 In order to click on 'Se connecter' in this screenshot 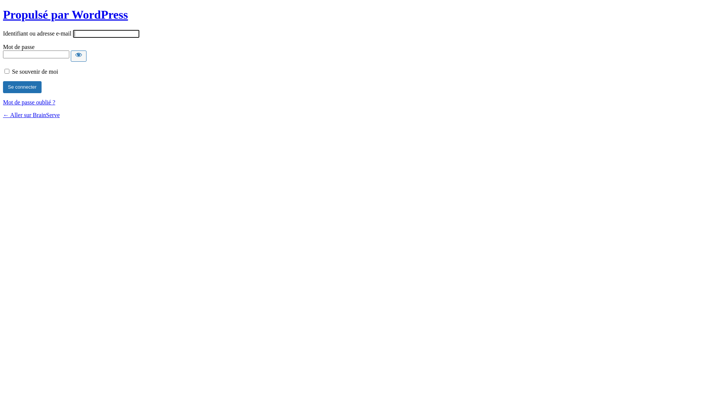, I will do `click(22, 86)`.